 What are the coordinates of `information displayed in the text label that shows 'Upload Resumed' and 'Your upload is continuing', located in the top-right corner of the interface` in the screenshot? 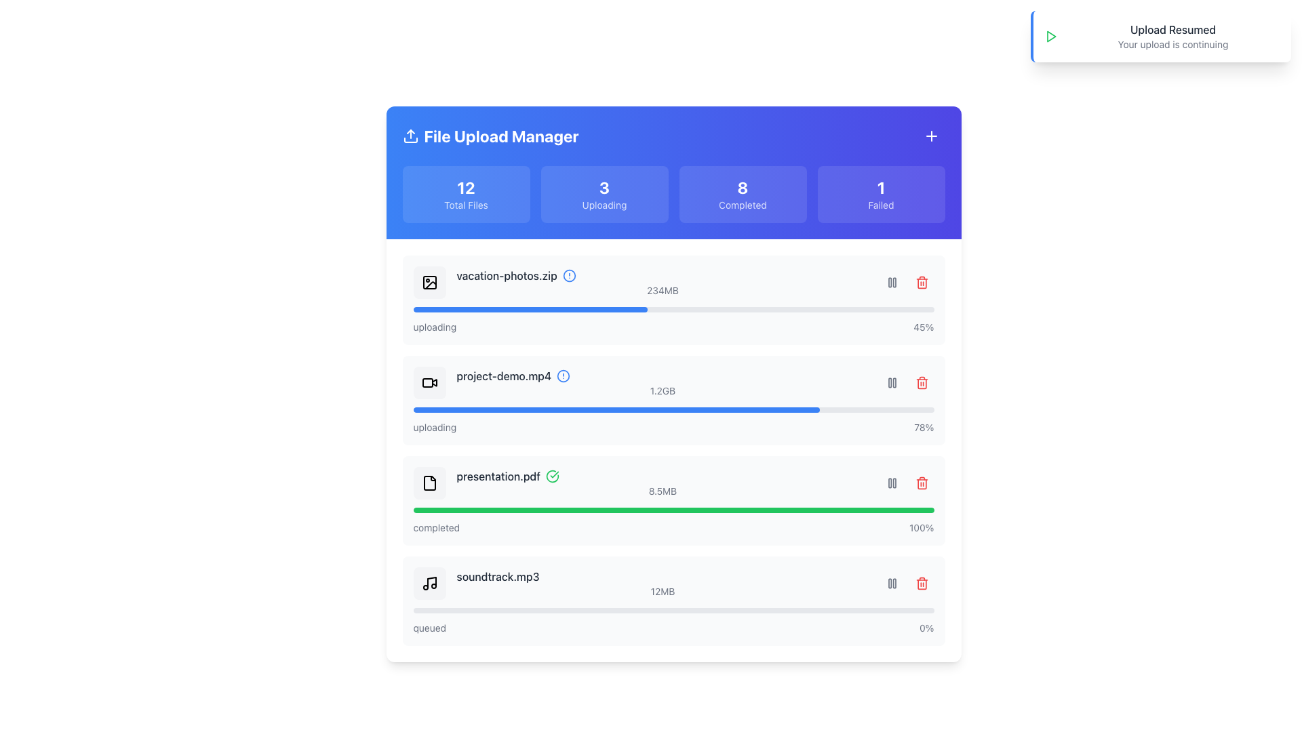 It's located at (1172, 36).